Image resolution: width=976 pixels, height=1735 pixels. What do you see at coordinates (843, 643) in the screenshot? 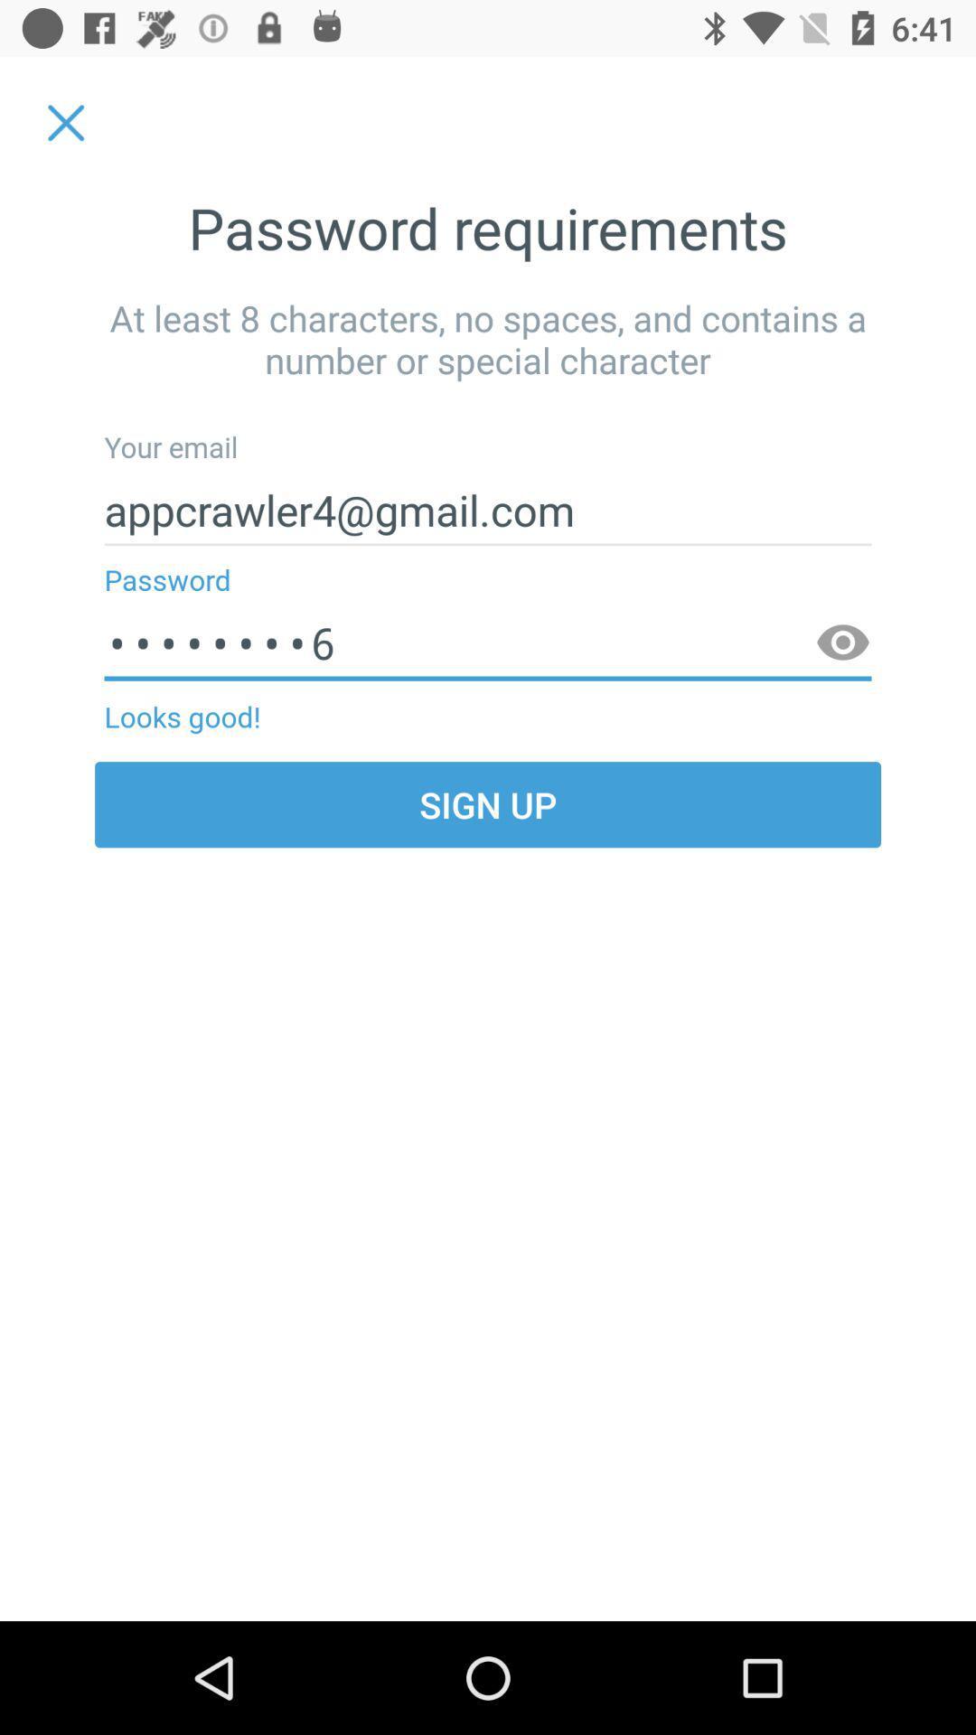
I see `the visibility icon` at bounding box center [843, 643].